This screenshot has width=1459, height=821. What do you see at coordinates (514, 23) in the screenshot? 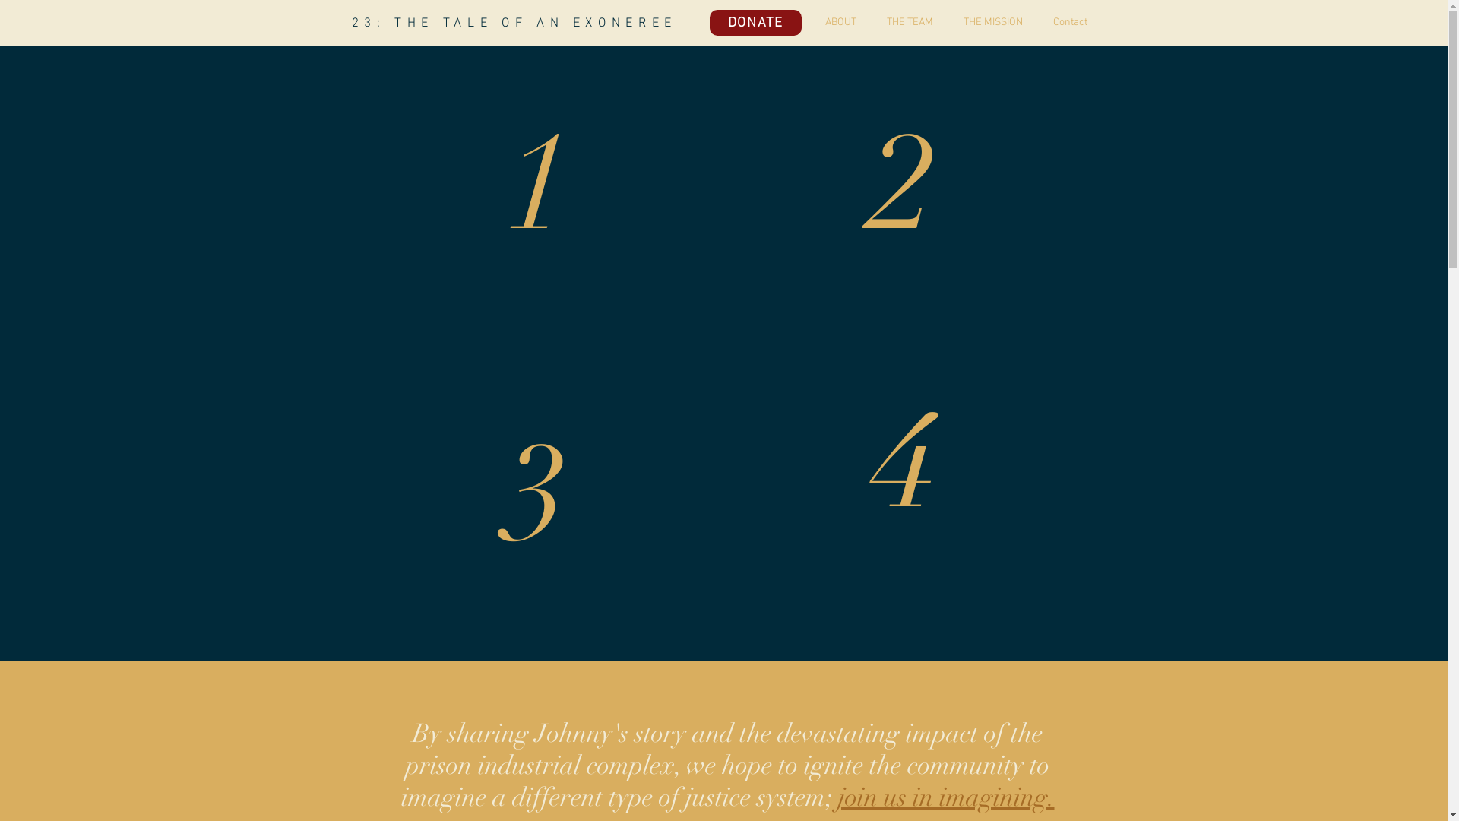
I see `'23: THE TALE OF AN EXONEREE'` at bounding box center [514, 23].